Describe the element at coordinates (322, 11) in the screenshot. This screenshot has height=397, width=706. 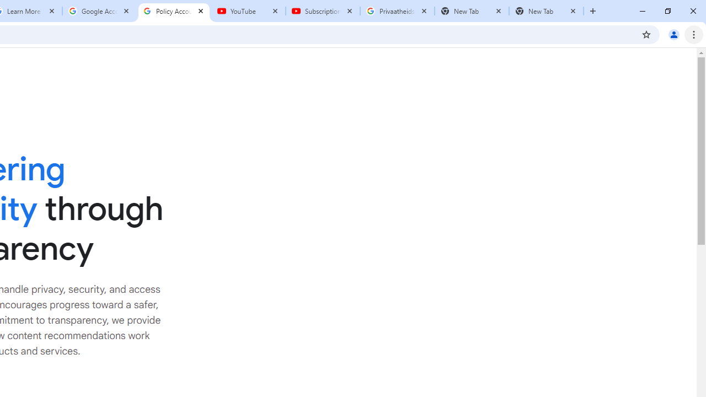
I see `'Subscriptions - YouTube'` at that location.